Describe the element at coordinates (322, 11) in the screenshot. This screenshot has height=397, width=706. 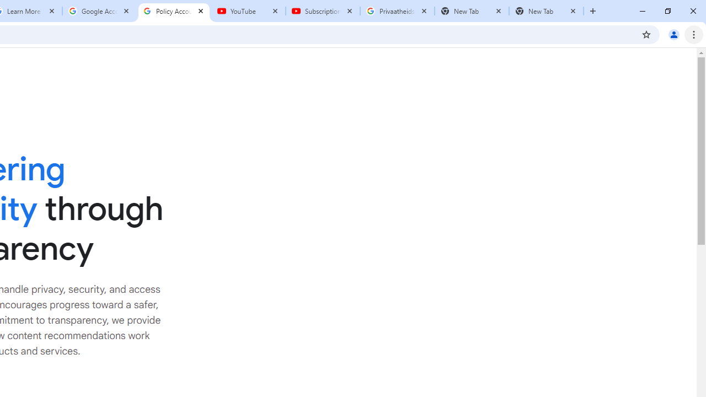
I see `'Subscriptions - YouTube'` at that location.